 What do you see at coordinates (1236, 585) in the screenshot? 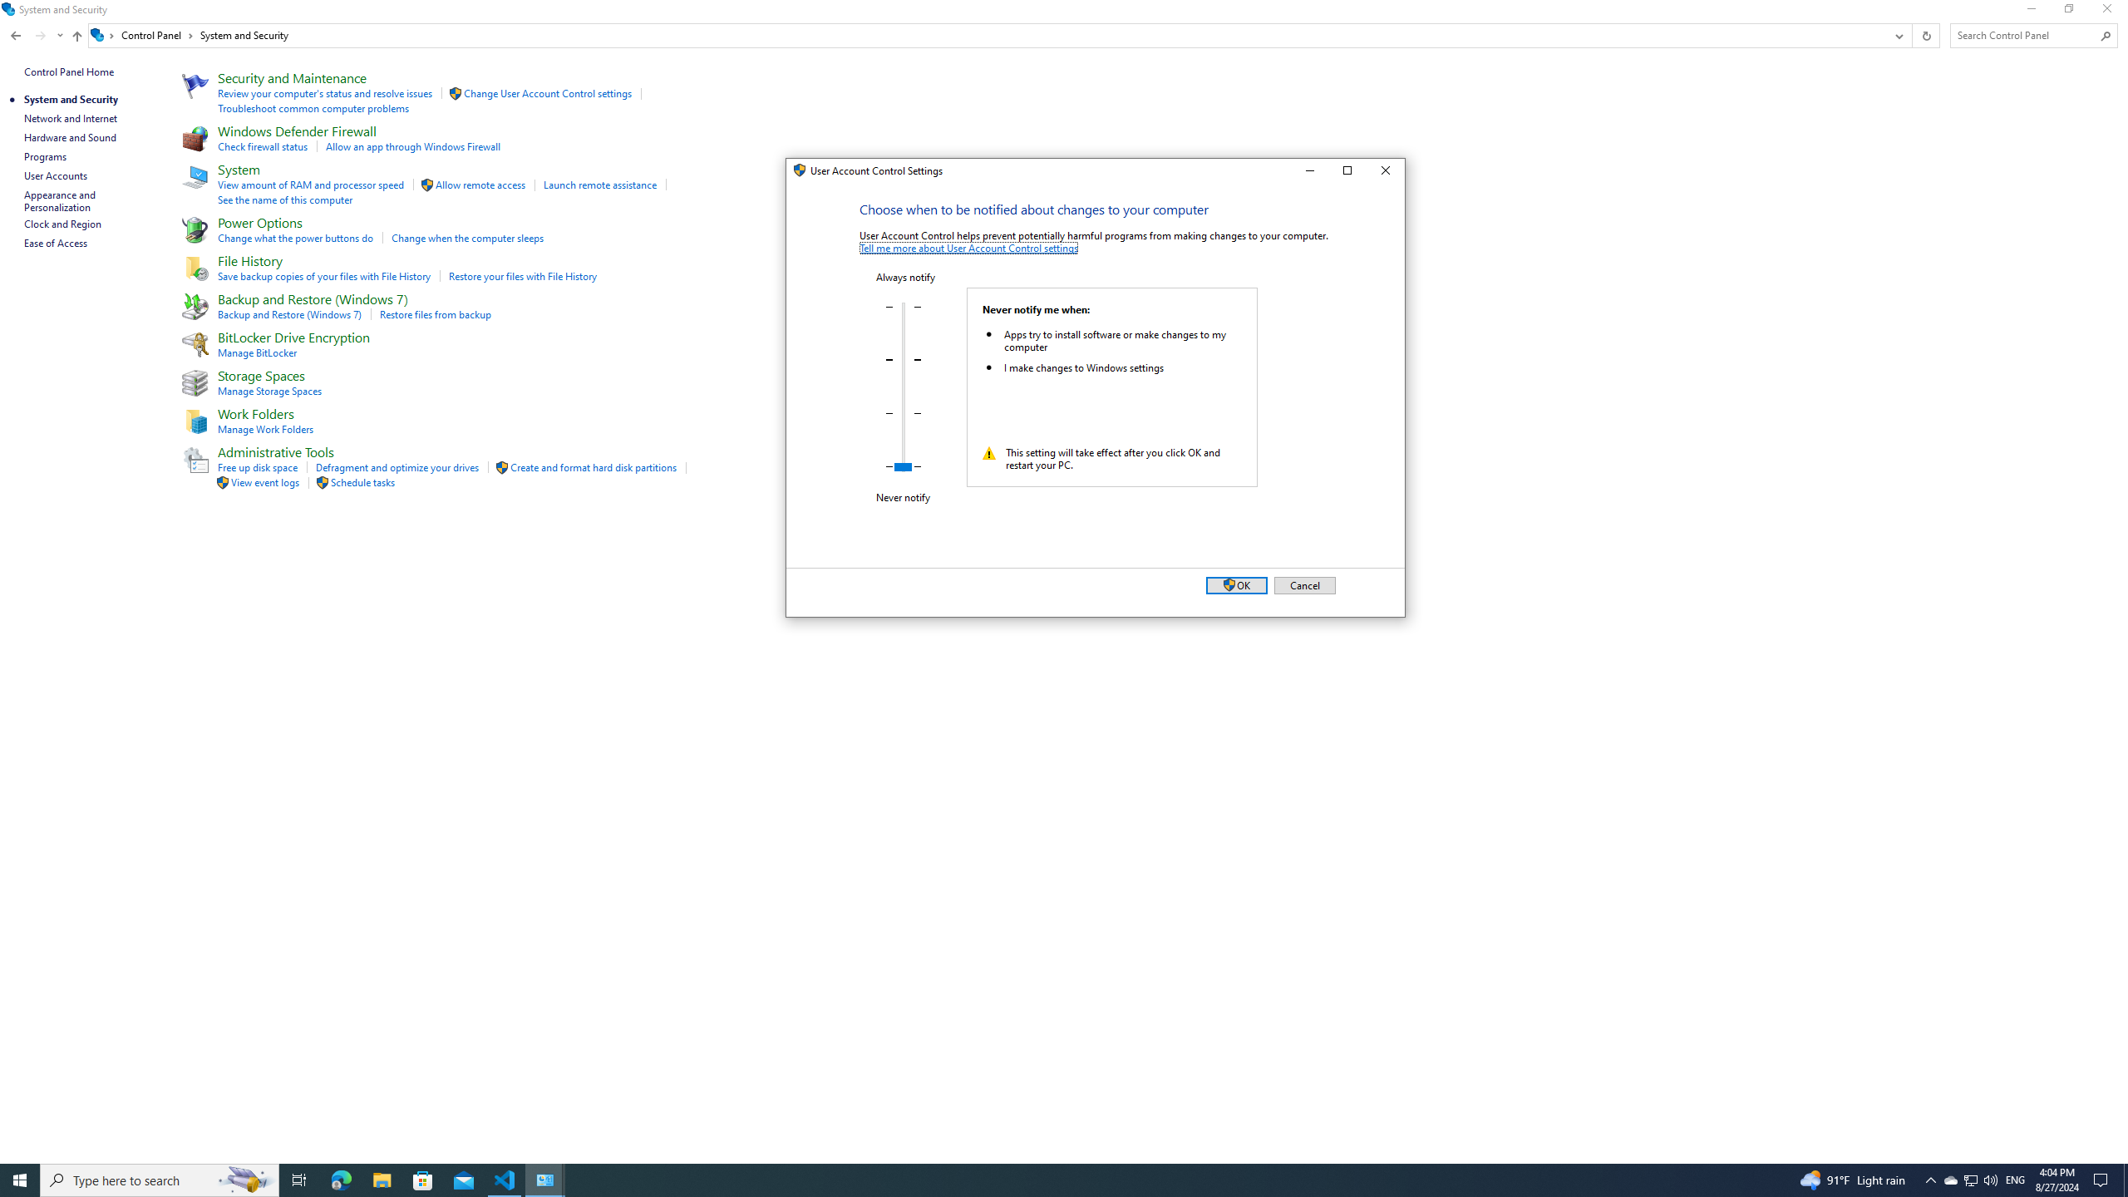
I see `'OK'` at bounding box center [1236, 585].